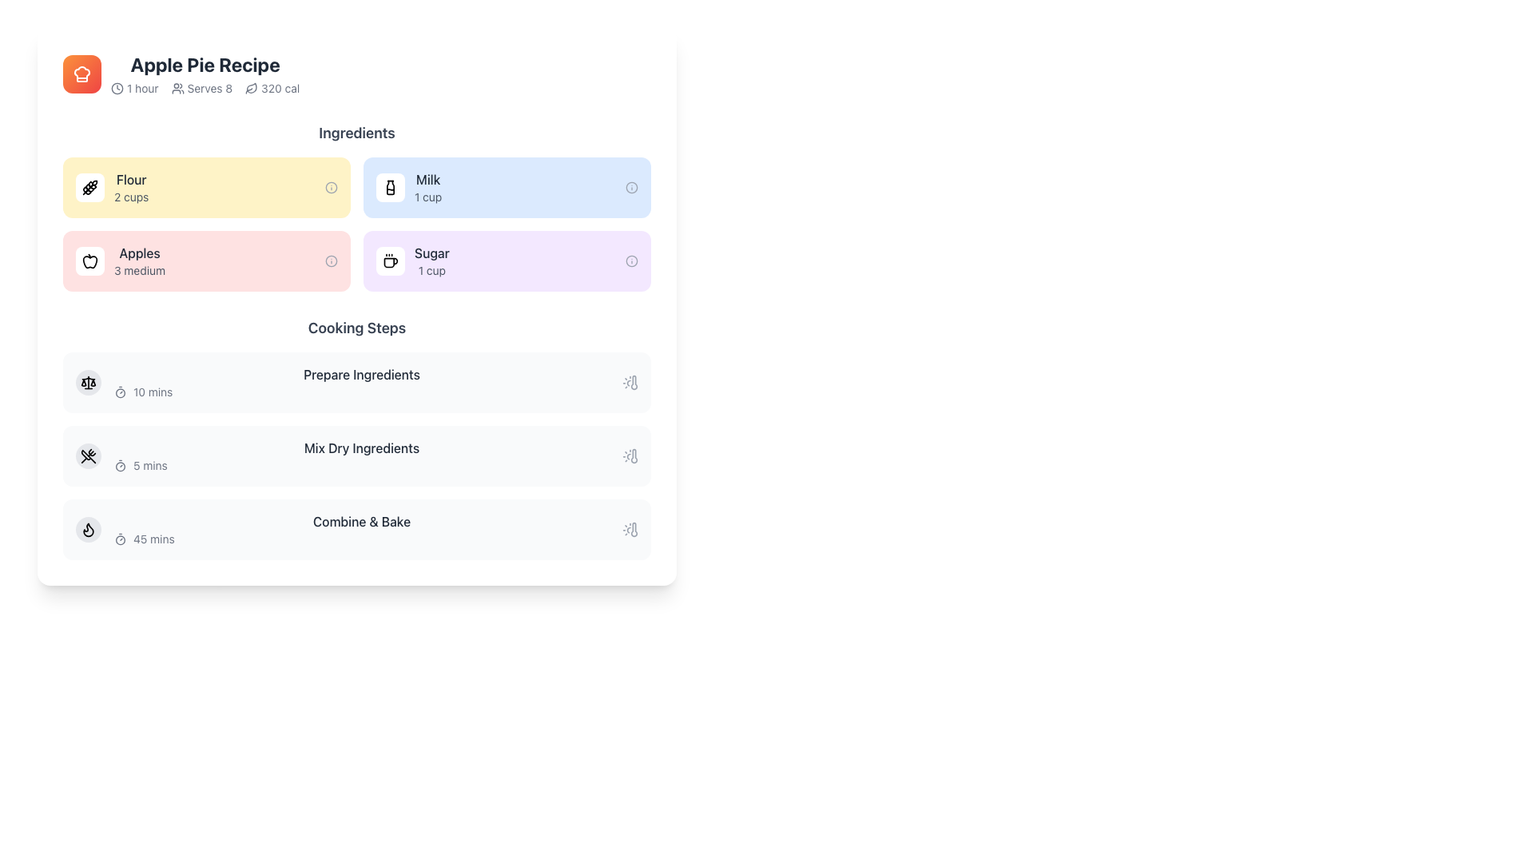 Image resolution: width=1534 pixels, height=863 pixels. What do you see at coordinates (87, 455) in the screenshot?
I see `the circular icon with a light gray background featuring a crossed fork and knife illustration, located to the left of the 'Mix Dry Ingredients' text in the 'Cooking Steps' list` at bounding box center [87, 455].